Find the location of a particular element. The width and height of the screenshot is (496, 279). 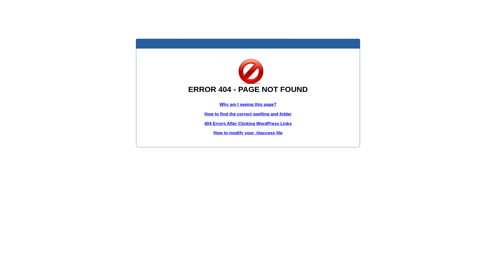

'How to modify your .htaccess file' is located at coordinates (213, 133).